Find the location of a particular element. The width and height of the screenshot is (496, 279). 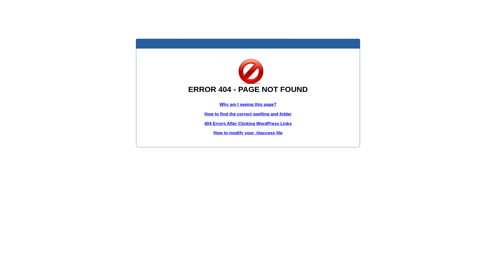

'How to modify your .htaccess file' is located at coordinates (213, 133).